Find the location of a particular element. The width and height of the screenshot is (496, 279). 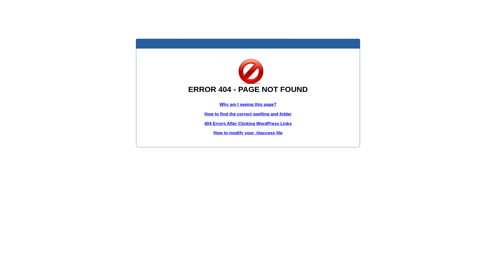

'How to modify your .htaccess file' is located at coordinates (213, 133).